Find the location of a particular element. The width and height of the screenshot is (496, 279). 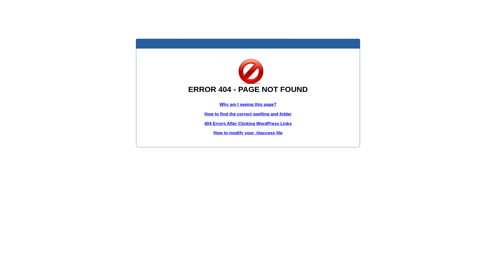

'How to modify your .htaccess file' is located at coordinates (213, 133).